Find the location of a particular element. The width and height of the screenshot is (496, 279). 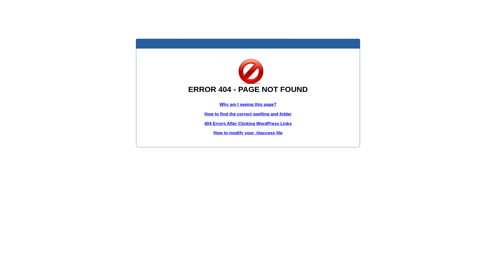

'How to modify your .htaccess file' is located at coordinates (213, 133).